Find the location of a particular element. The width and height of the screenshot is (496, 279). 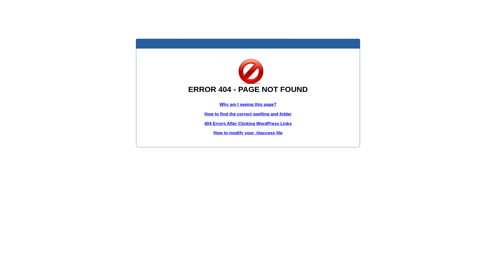

'How to modify your .htaccess file' is located at coordinates (213, 133).